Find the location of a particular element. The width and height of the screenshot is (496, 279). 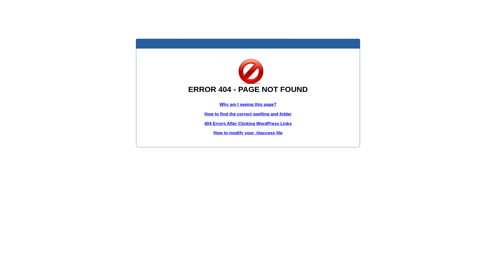

'How to modify your .htaccess file' is located at coordinates (213, 133).